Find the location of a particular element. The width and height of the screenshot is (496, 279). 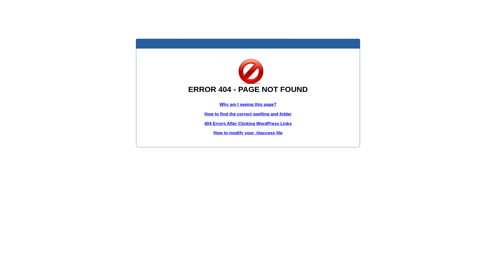

'How to modify your .htaccess file' is located at coordinates (213, 133).